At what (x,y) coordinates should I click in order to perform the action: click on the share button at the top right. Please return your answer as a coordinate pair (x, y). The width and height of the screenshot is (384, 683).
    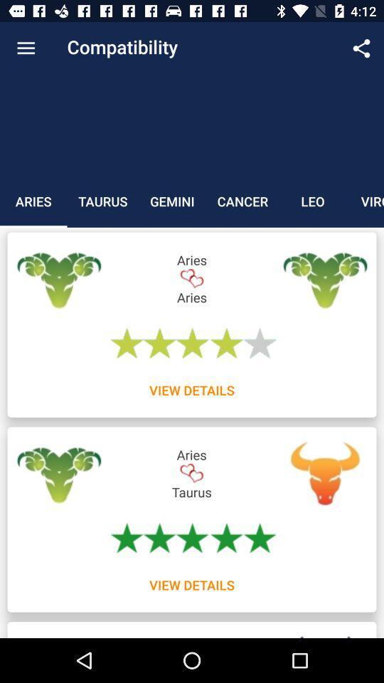
    Looking at the image, I should click on (361, 48).